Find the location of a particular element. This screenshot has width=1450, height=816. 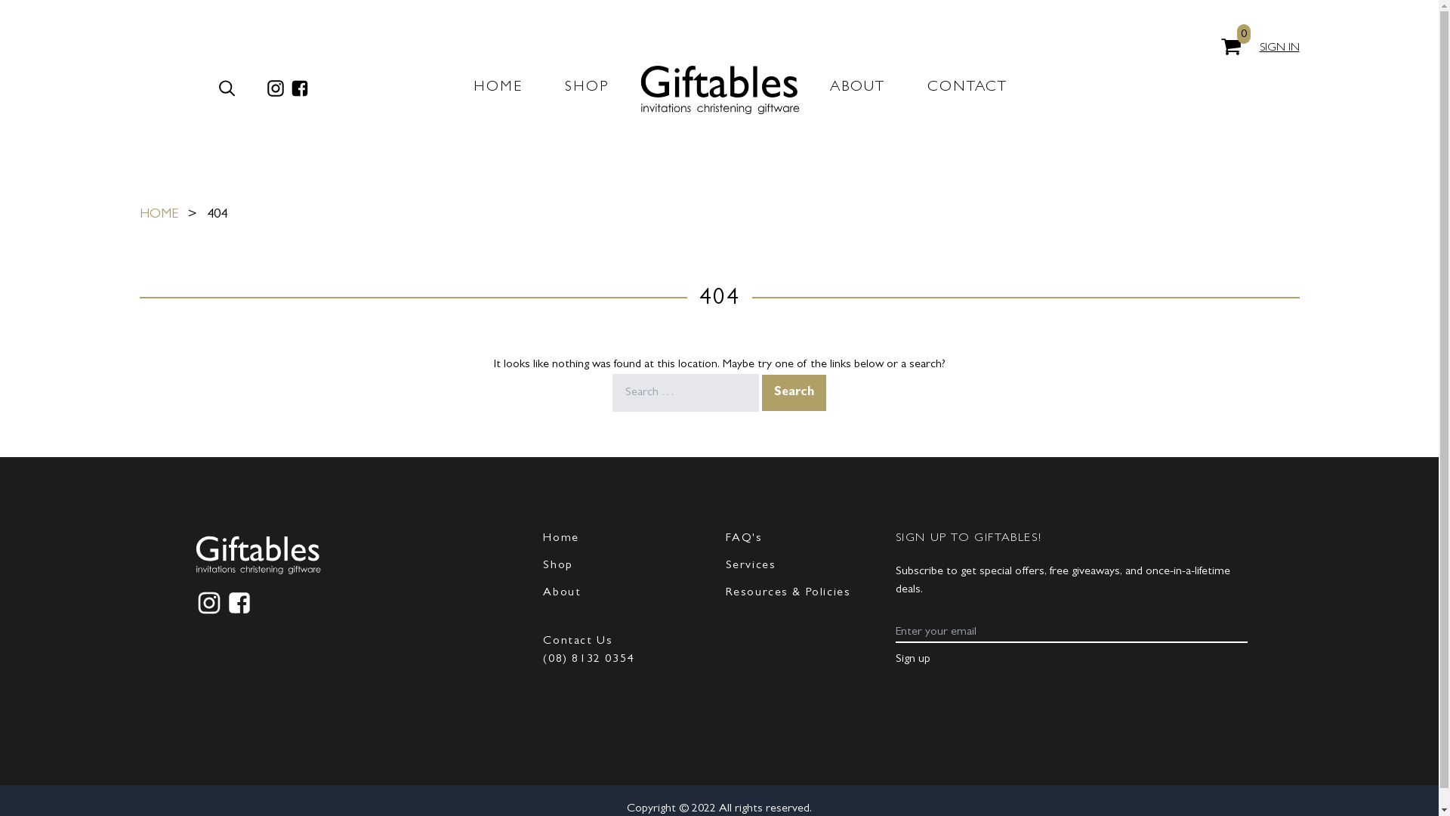

'Shop' is located at coordinates (557, 565).